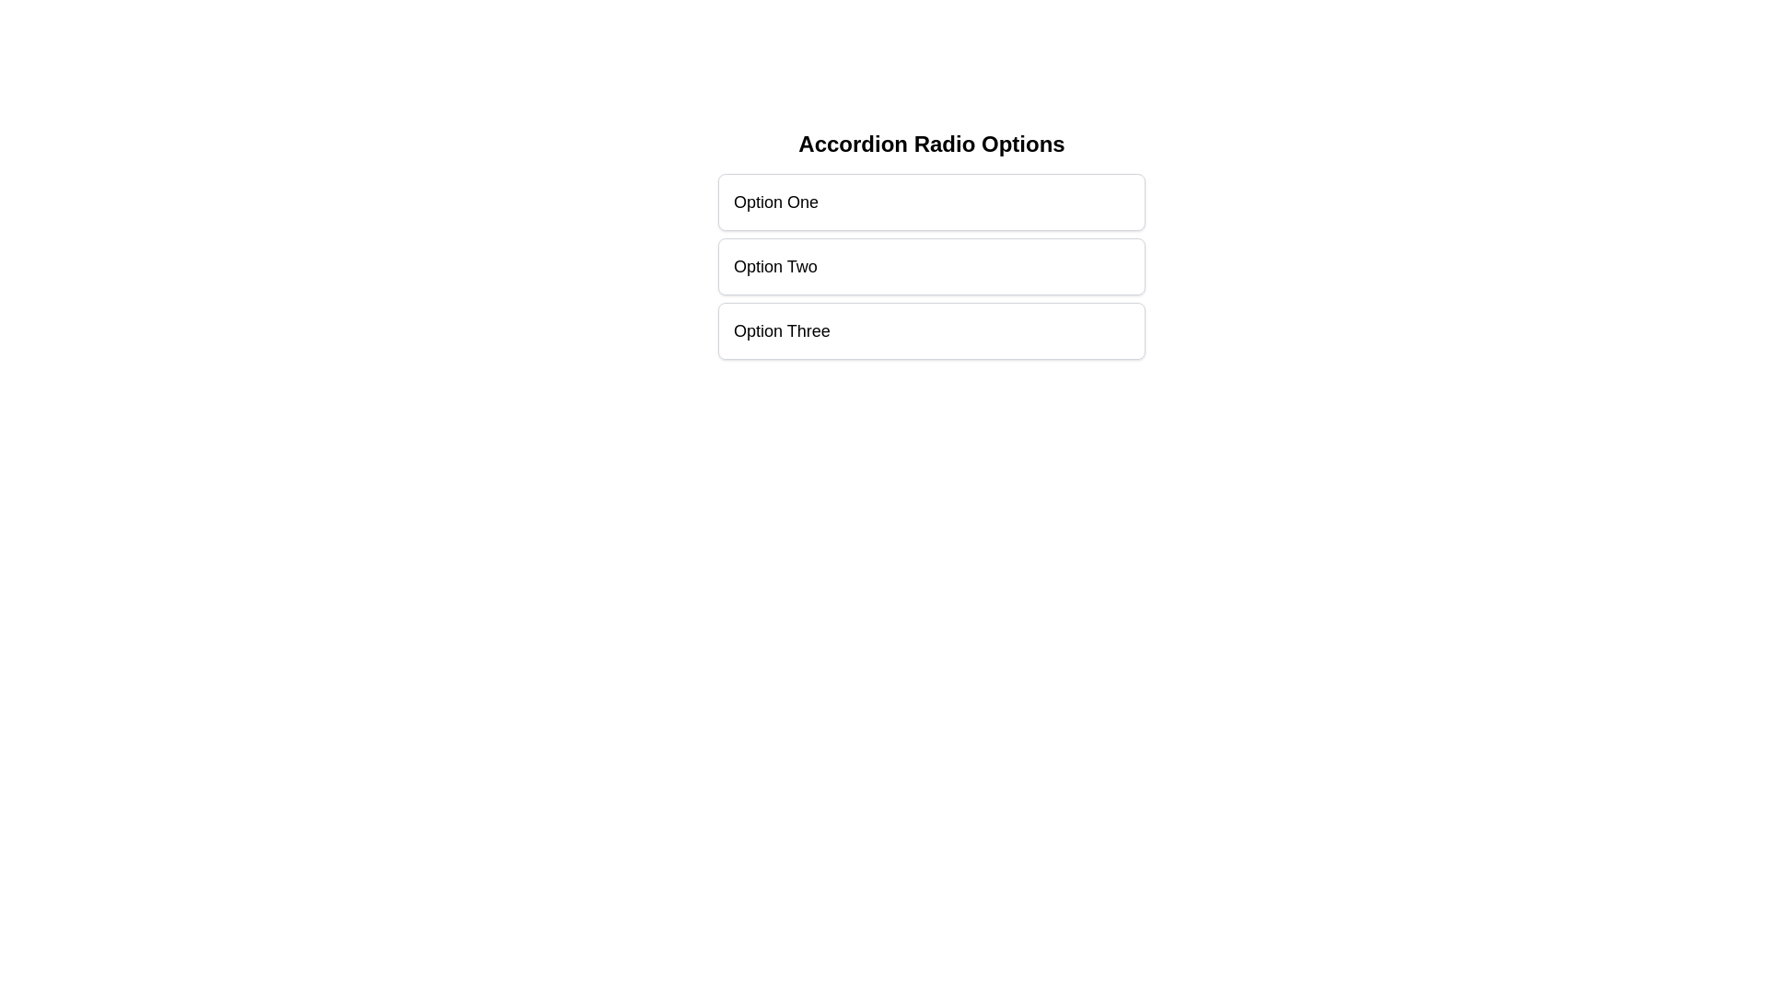 This screenshot has width=1768, height=994. What do you see at coordinates (932, 202) in the screenshot?
I see `the first selectable option labeled 'Option One' in the Accordion Radio Options` at bounding box center [932, 202].